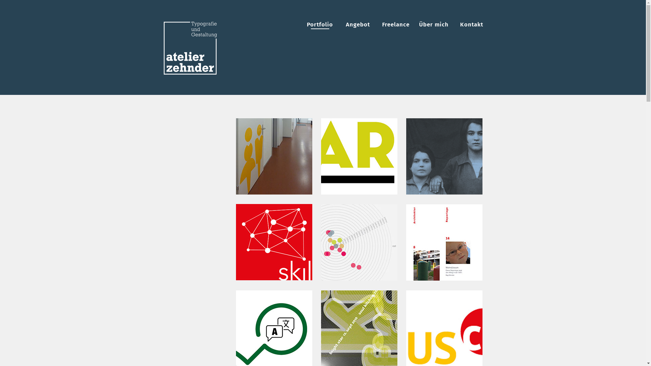 This screenshot has height=366, width=651. Describe the element at coordinates (357, 24) in the screenshot. I see `'Angebot'` at that location.